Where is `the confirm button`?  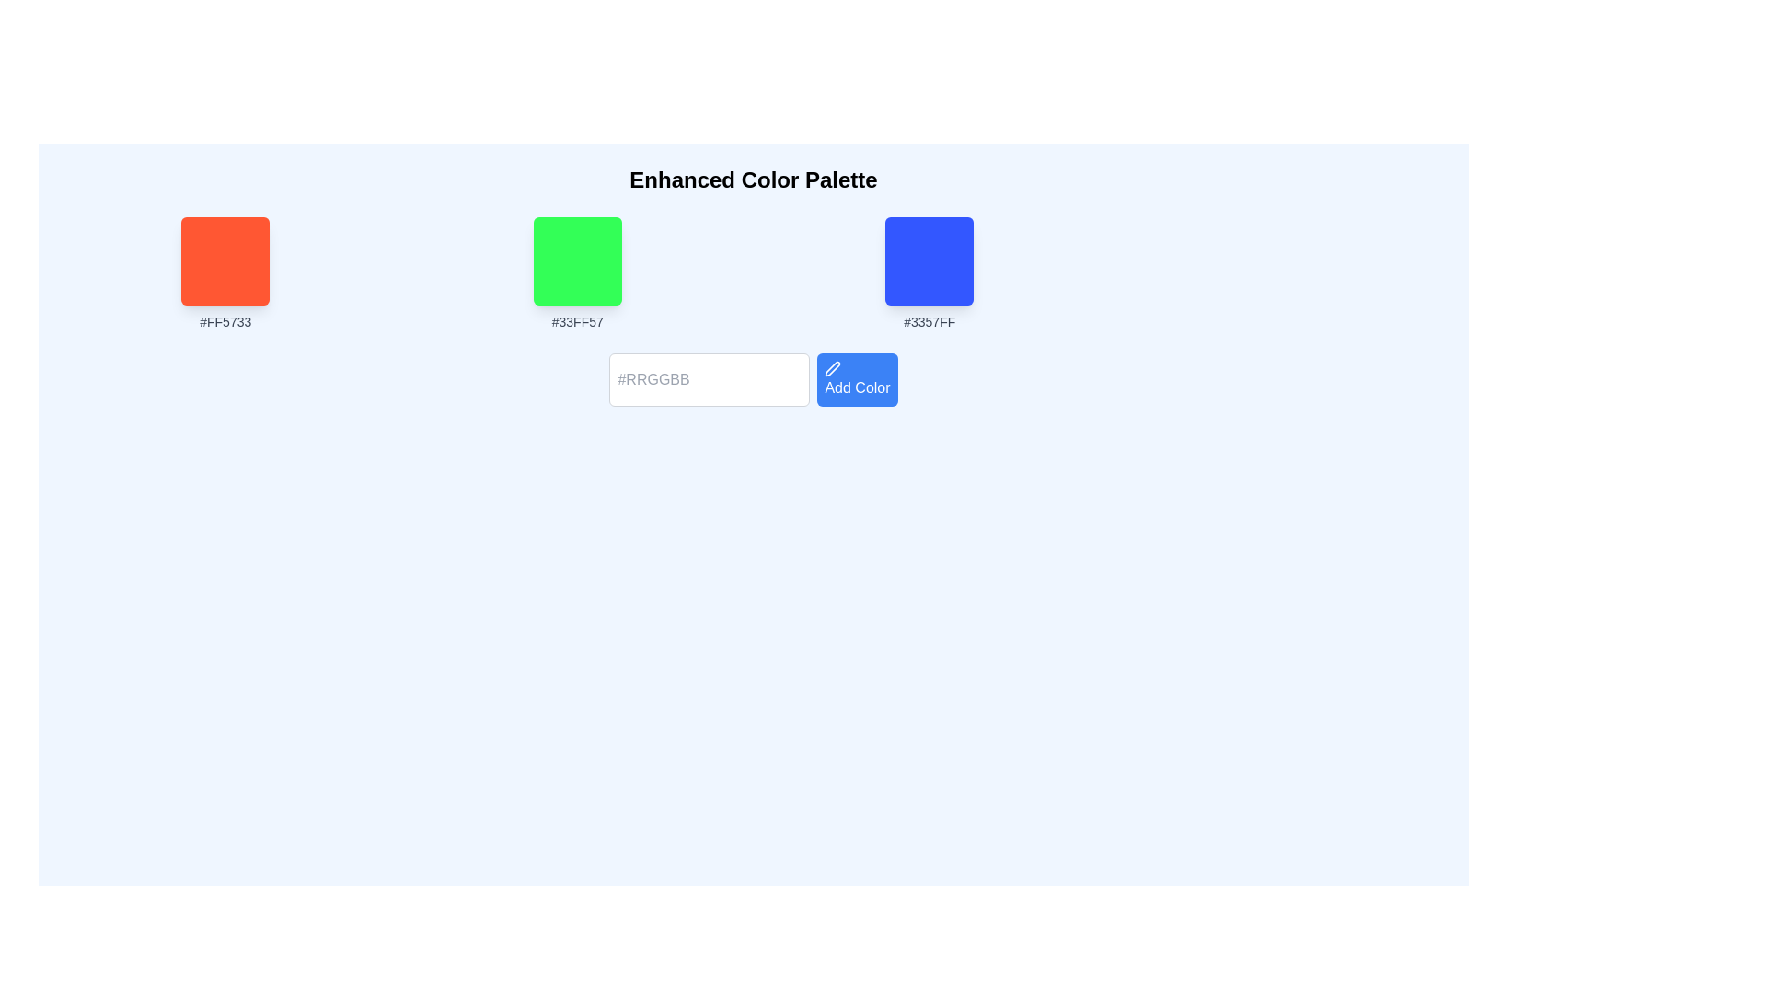
the confirm button is located at coordinates (856, 378).